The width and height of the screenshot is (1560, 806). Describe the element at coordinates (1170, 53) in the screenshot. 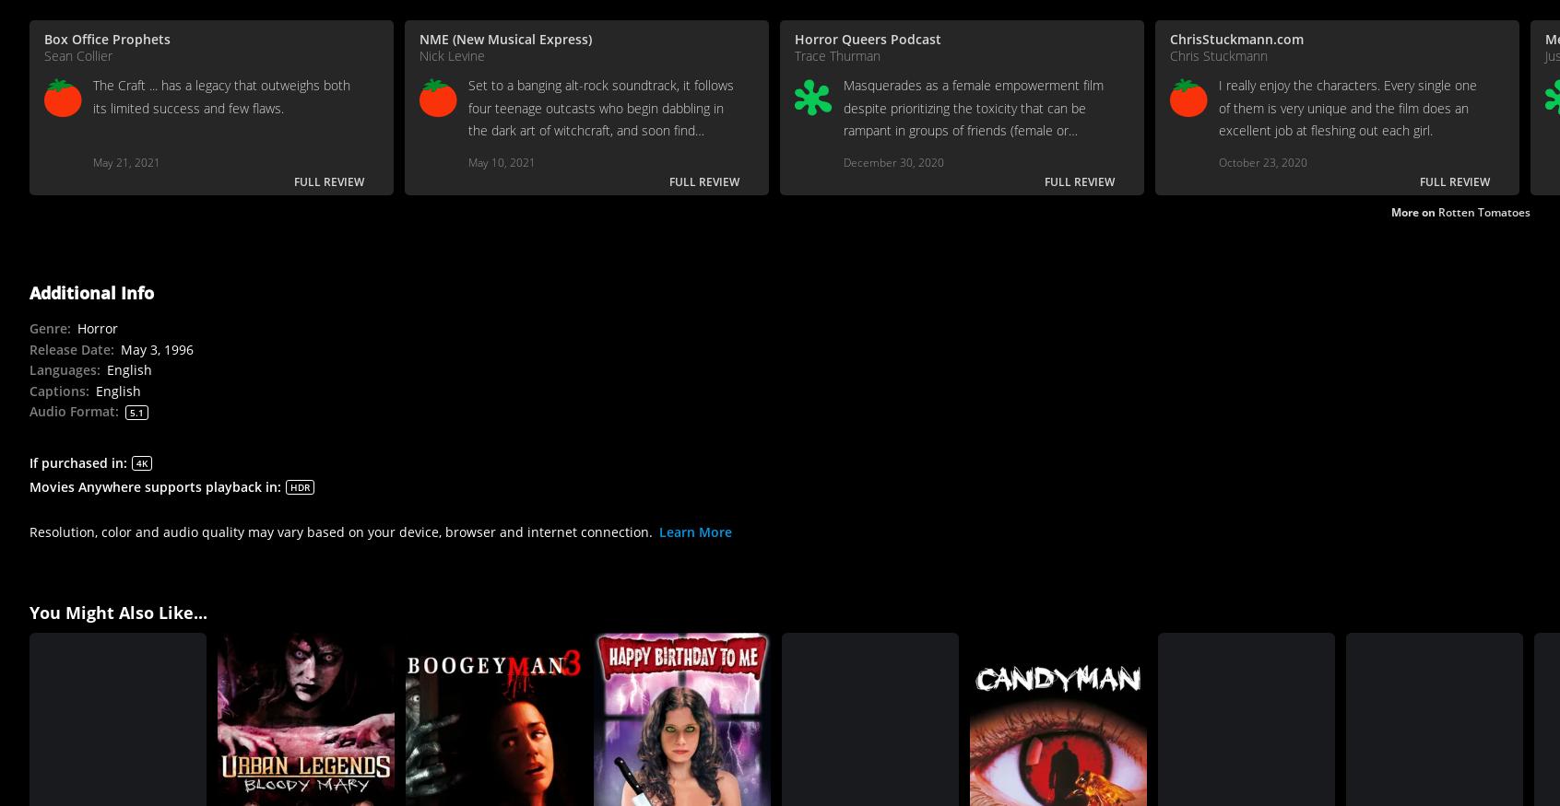

I see `'Chris Stuckmann'` at that location.